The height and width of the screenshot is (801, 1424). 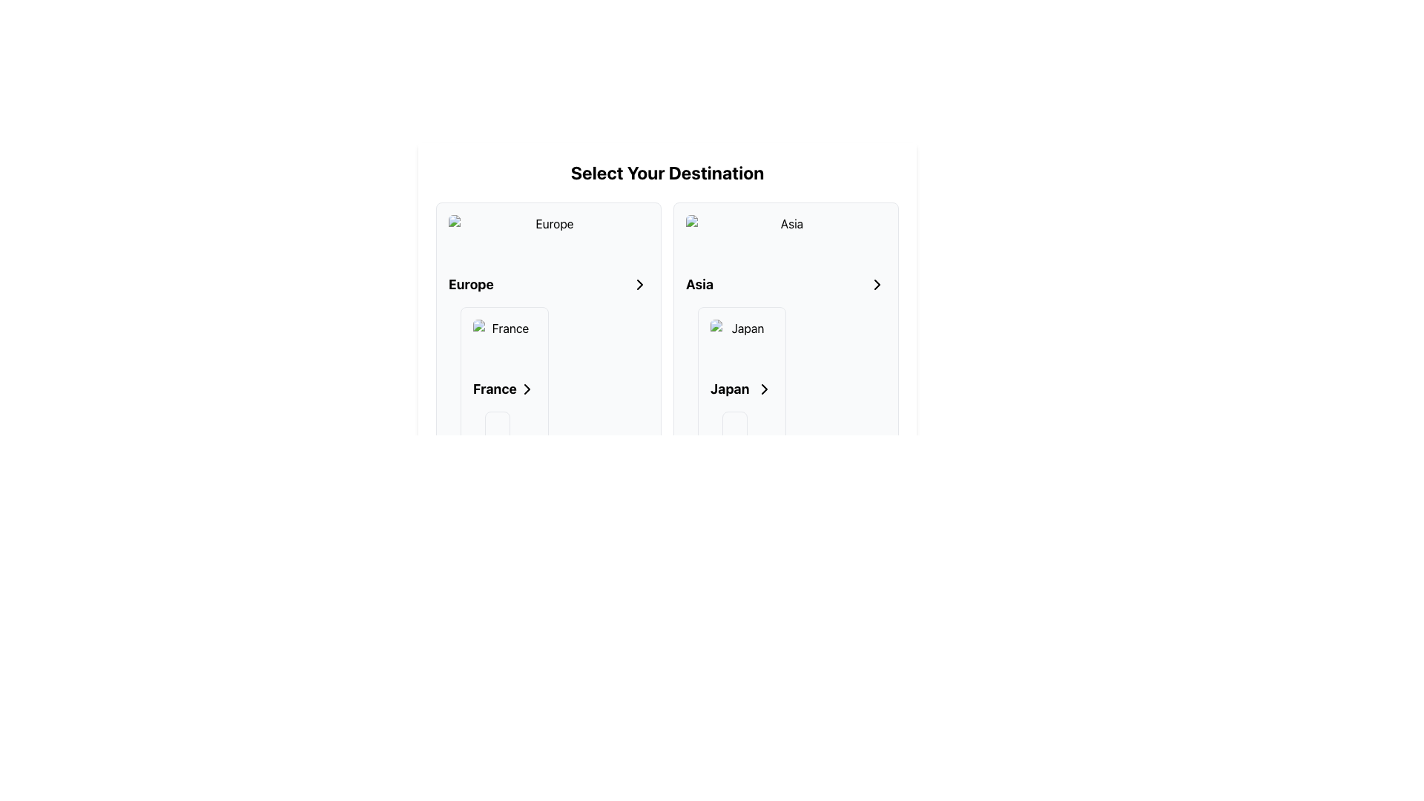 What do you see at coordinates (742, 343) in the screenshot?
I see `the 'Japan' image element with rounded corners located at the top of the card in the second column under the 'Asia' category for accessibility purposes` at bounding box center [742, 343].